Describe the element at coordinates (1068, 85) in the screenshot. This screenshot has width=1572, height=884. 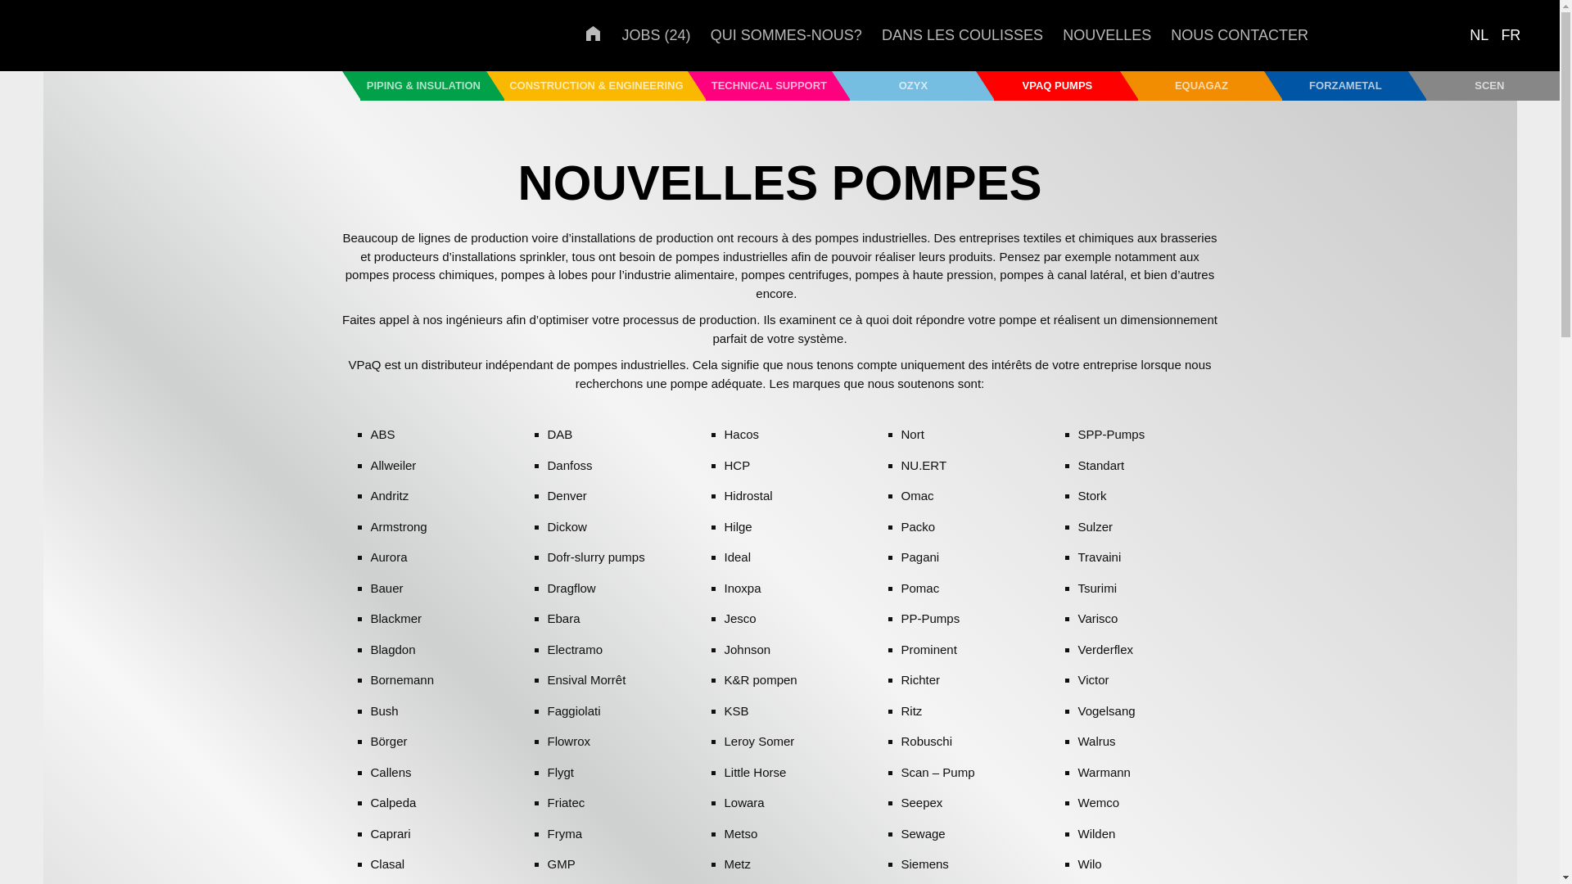
I see `'VPAQ PUMPS'` at that location.